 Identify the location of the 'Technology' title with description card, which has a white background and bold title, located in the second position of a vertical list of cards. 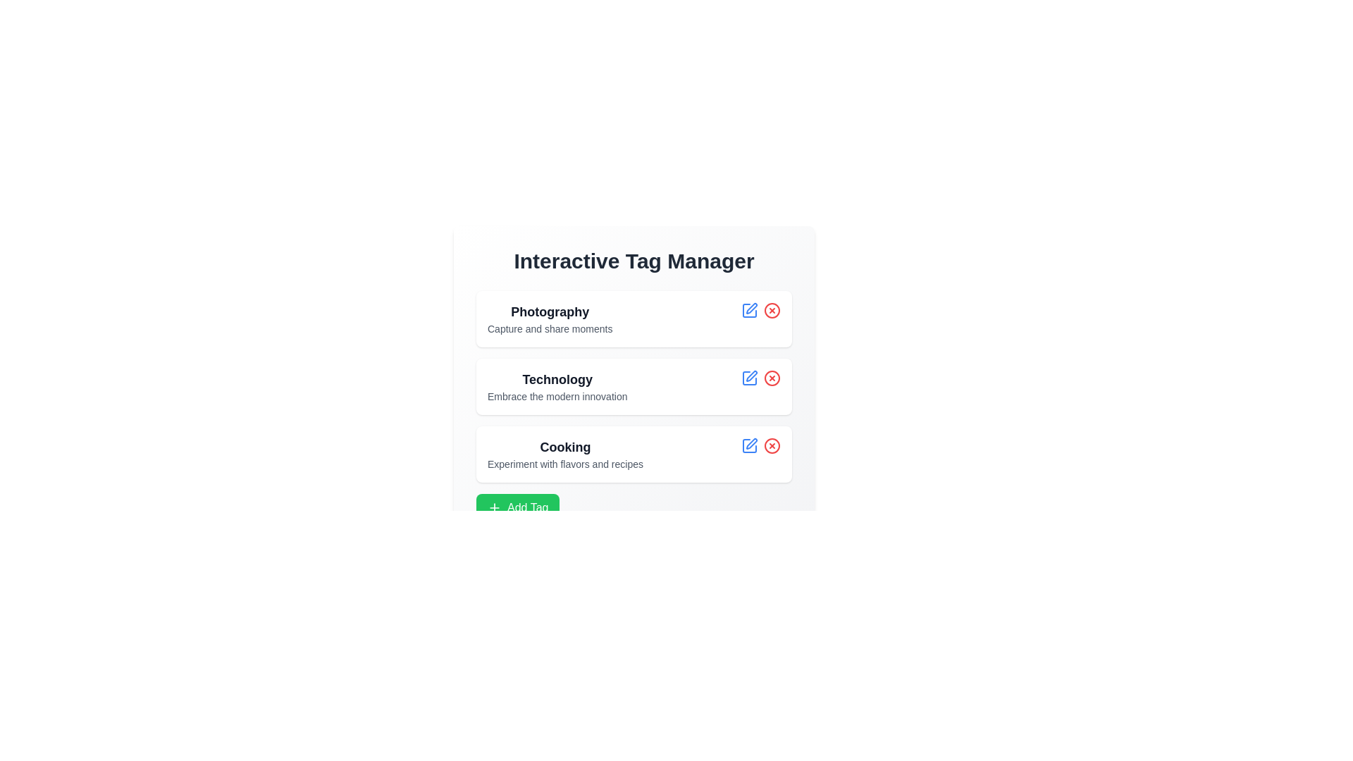
(634, 386).